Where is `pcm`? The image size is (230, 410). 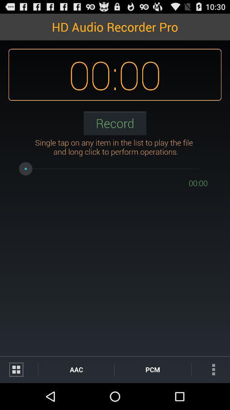 pcm is located at coordinates (152, 369).